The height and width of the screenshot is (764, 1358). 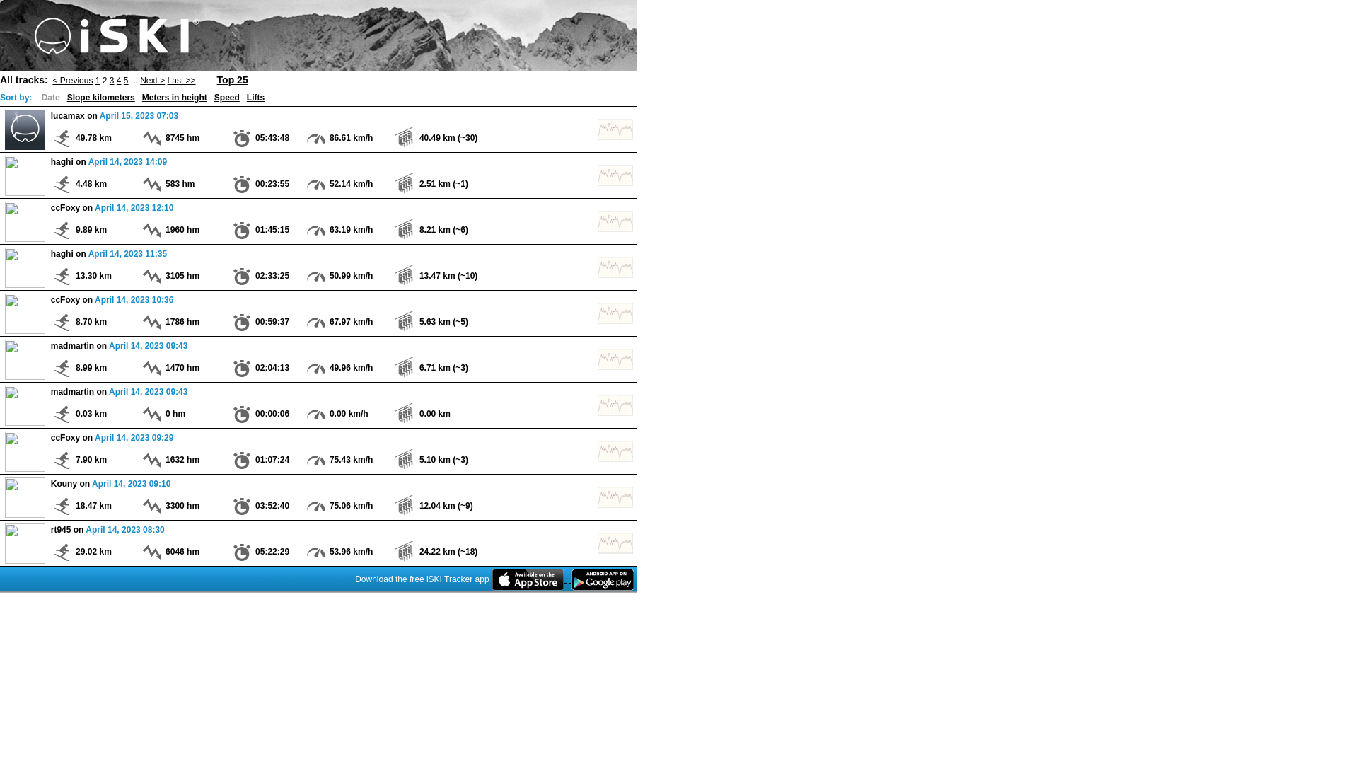 What do you see at coordinates (181, 79) in the screenshot?
I see `'Last >>'` at bounding box center [181, 79].